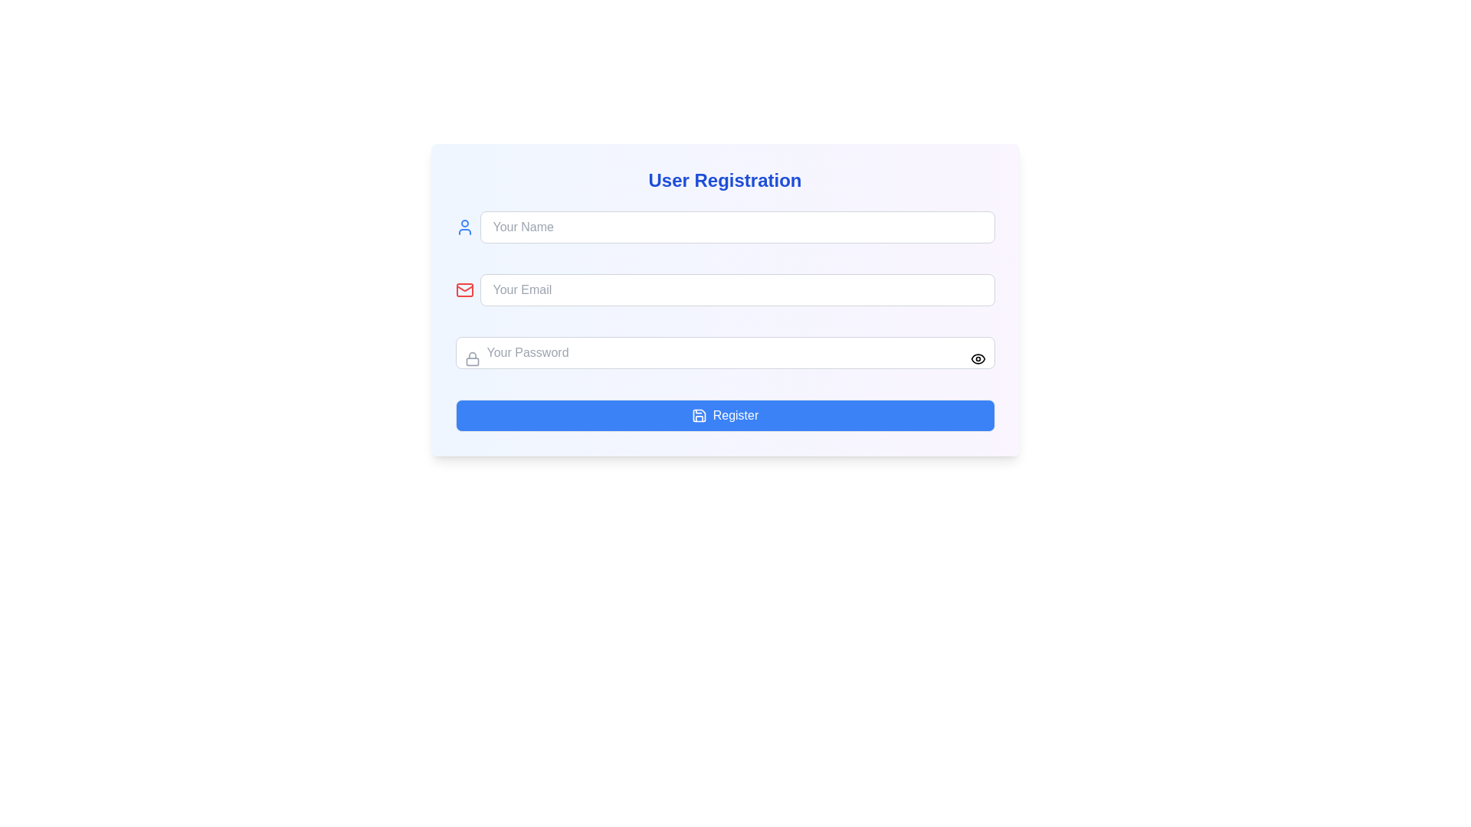 The image size is (1471, 827). Describe the element at coordinates (464, 289) in the screenshot. I see `the stylized envelope vector graphic, which is located to the left of the email input field in the user registration form` at that location.